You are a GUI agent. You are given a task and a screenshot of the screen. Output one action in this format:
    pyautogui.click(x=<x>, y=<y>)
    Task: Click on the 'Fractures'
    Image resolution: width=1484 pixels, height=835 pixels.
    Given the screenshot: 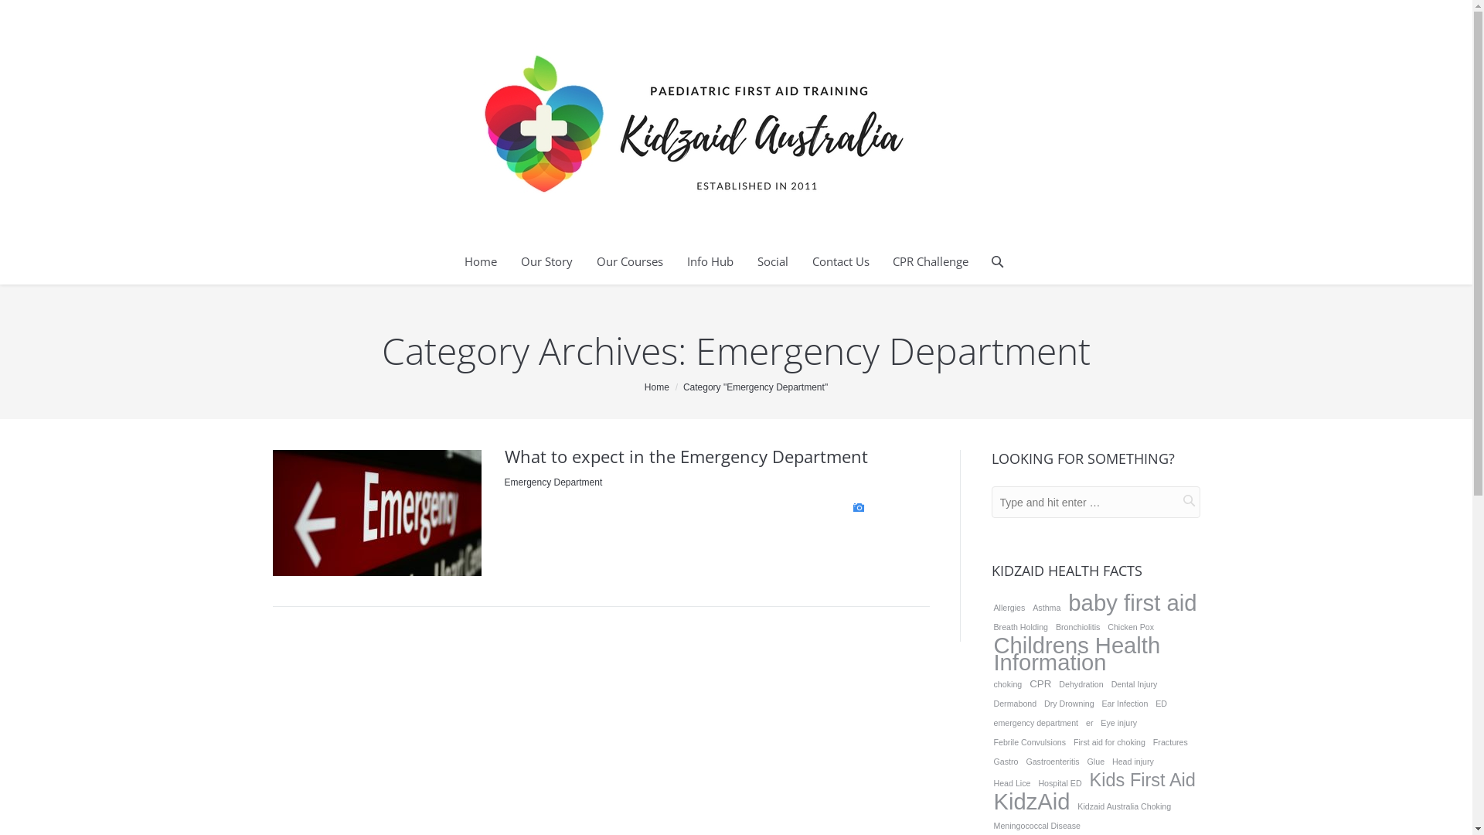 What is the action you would take?
    pyautogui.click(x=1170, y=741)
    